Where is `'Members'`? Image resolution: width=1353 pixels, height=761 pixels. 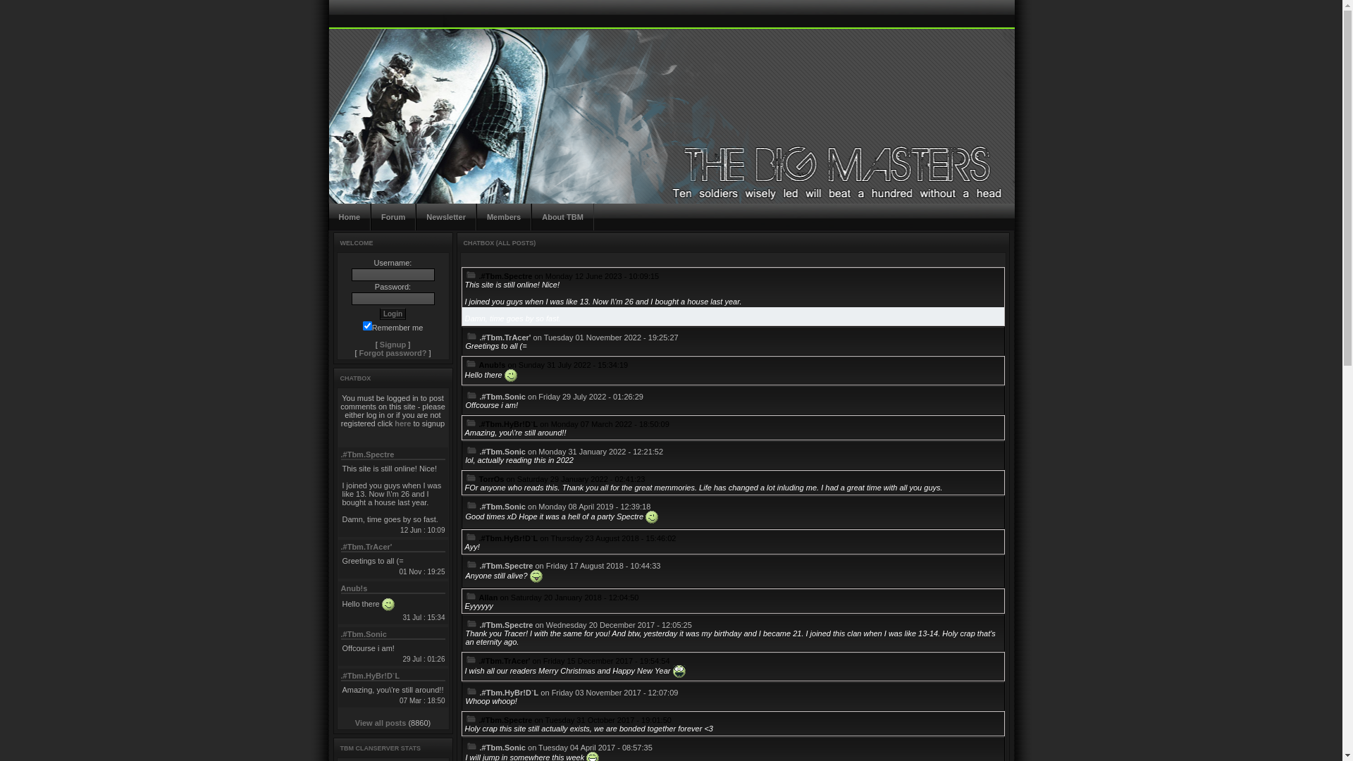 'Members' is located at coordinates (476, 217).